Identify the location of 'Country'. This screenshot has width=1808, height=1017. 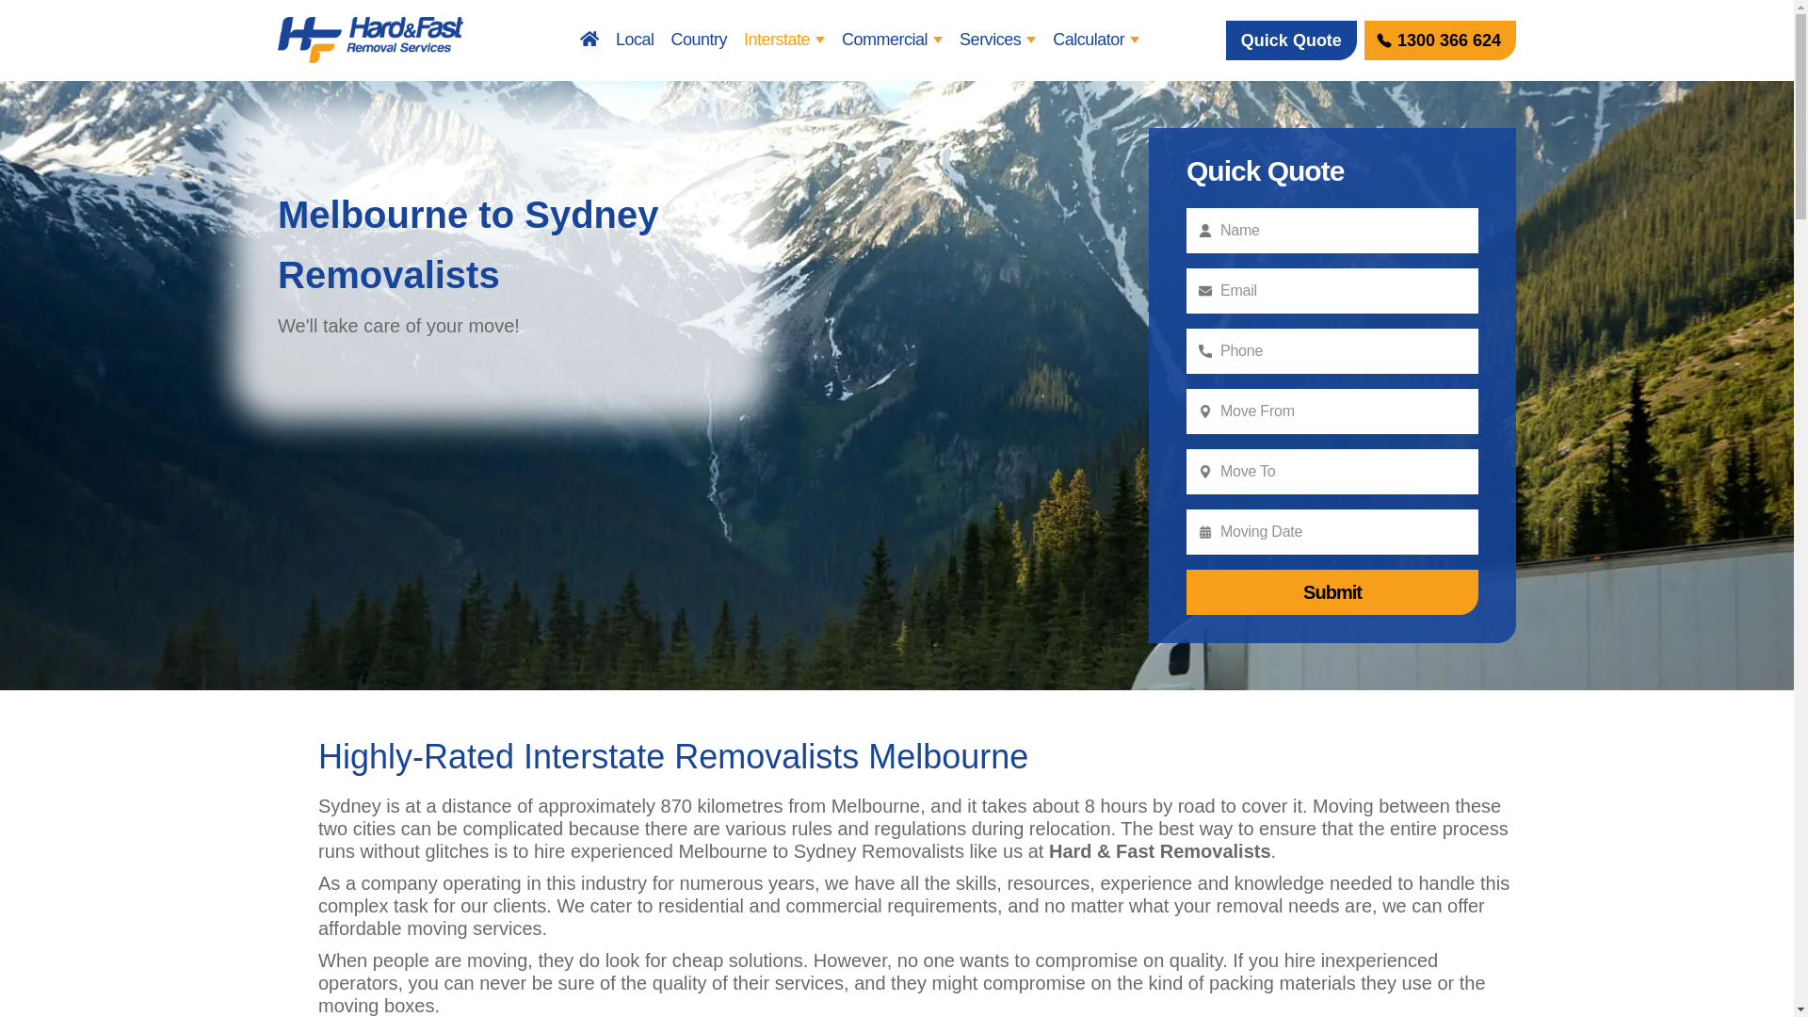
(698, 40).